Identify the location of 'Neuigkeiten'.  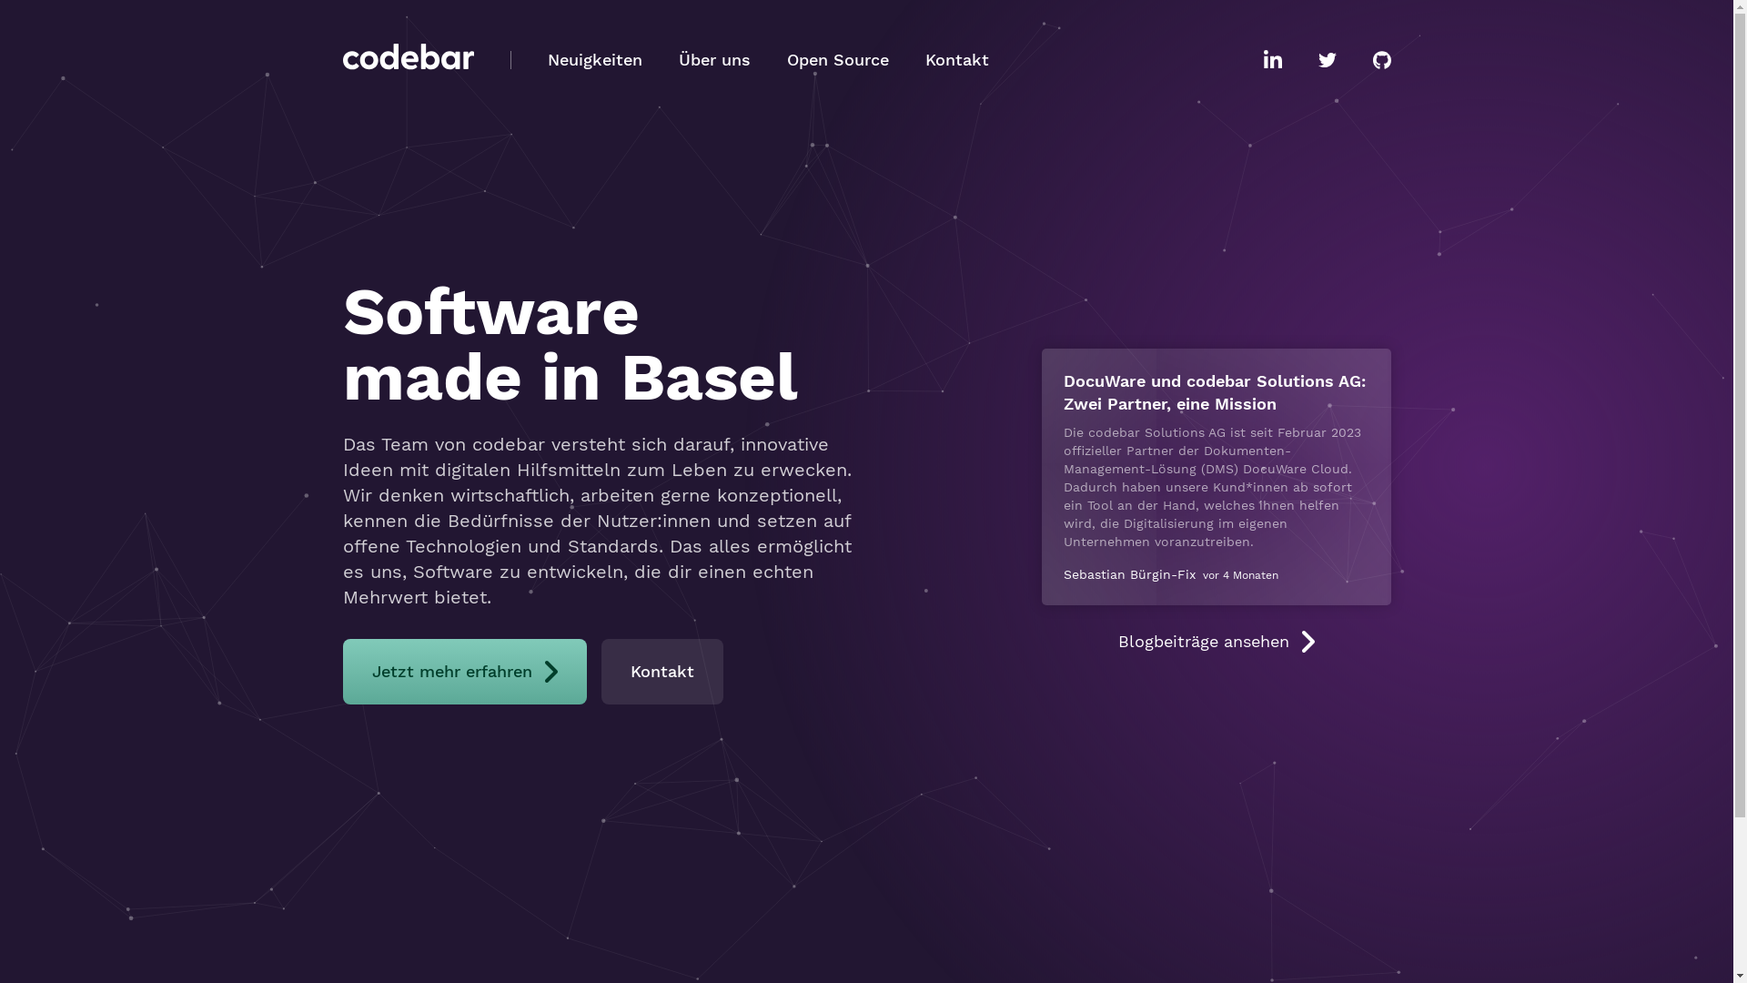
(594, 58).